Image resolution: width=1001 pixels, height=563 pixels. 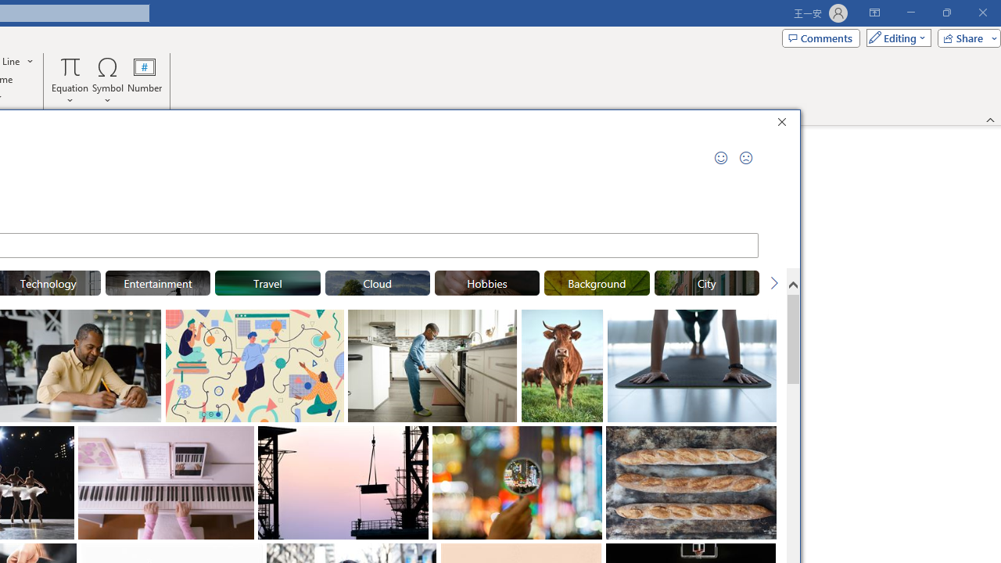 What do you see at coordinates (895, 37) in the screenshot?
I see `'Editing'` at bounding box center [895, 37].